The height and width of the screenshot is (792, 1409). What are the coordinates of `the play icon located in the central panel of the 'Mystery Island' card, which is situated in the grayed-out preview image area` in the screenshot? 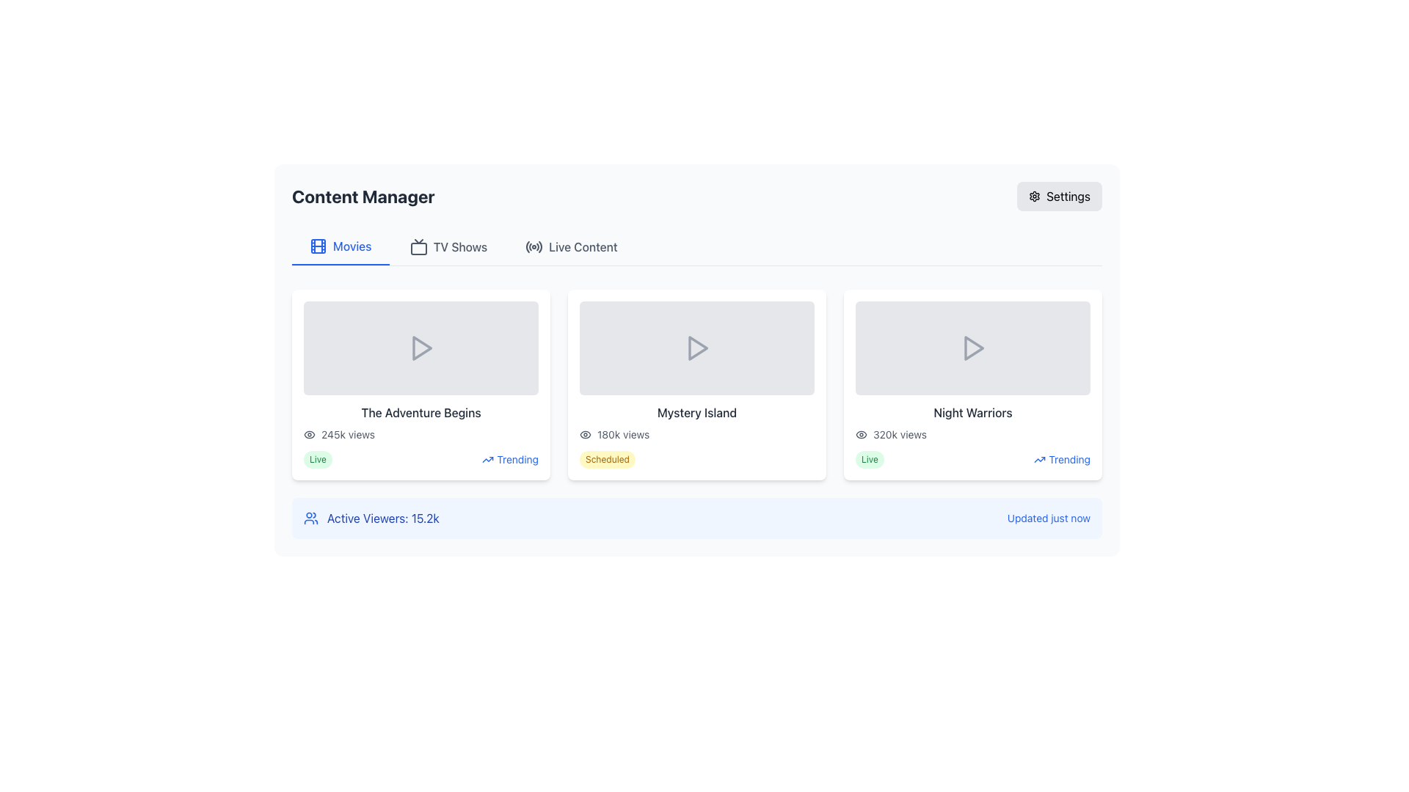 It's located at (696, 348).